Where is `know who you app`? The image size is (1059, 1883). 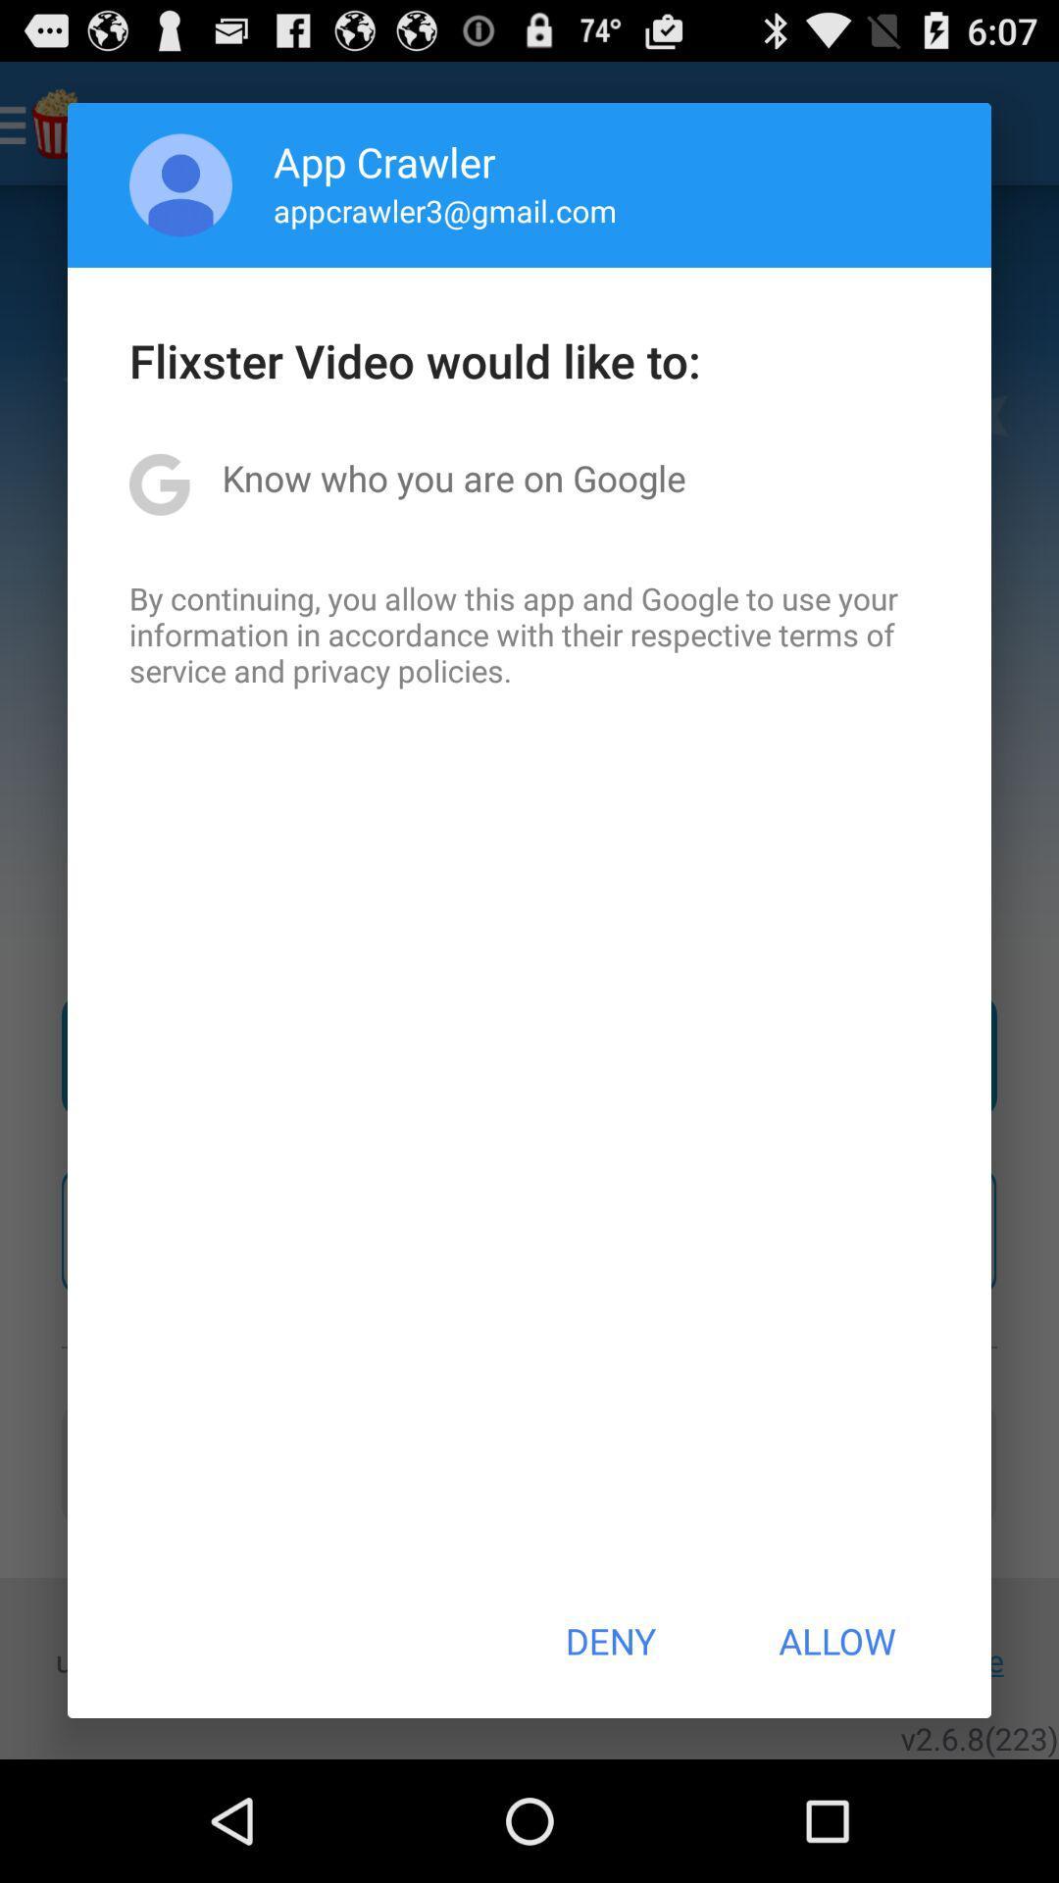 know who you app is located at coordinates (454, 478).